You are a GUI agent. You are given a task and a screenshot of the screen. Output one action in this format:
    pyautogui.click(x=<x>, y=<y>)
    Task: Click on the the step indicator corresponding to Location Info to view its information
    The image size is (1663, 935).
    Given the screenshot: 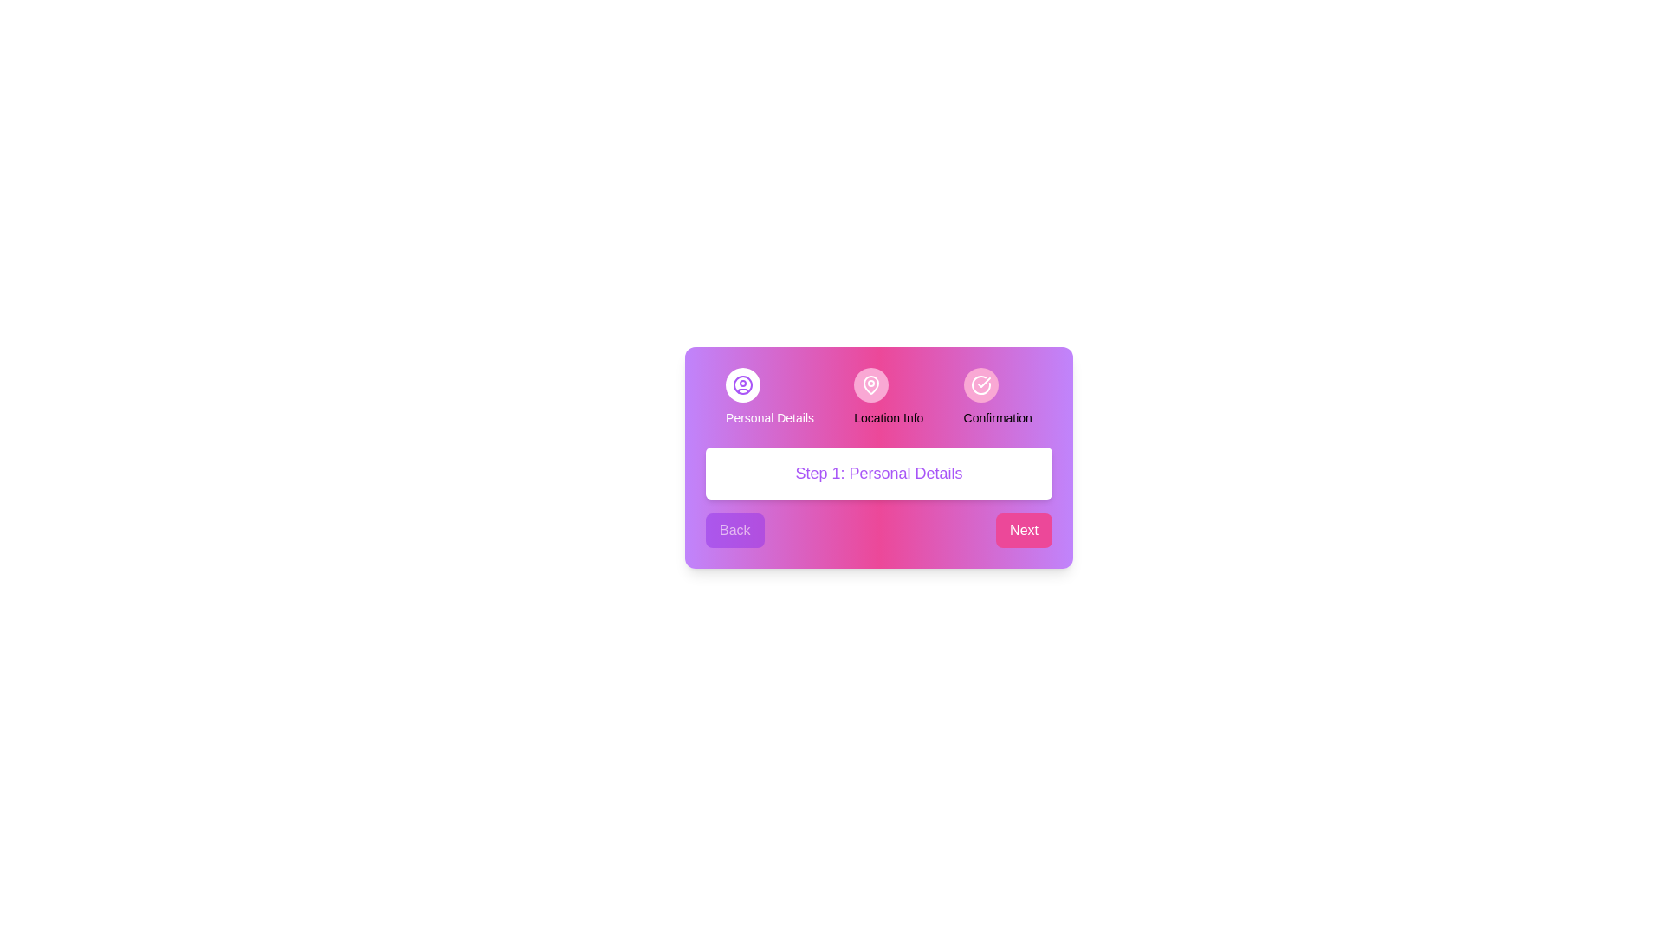 What is the action you would take?
    pyautogui.click(x=871, y=384)
    